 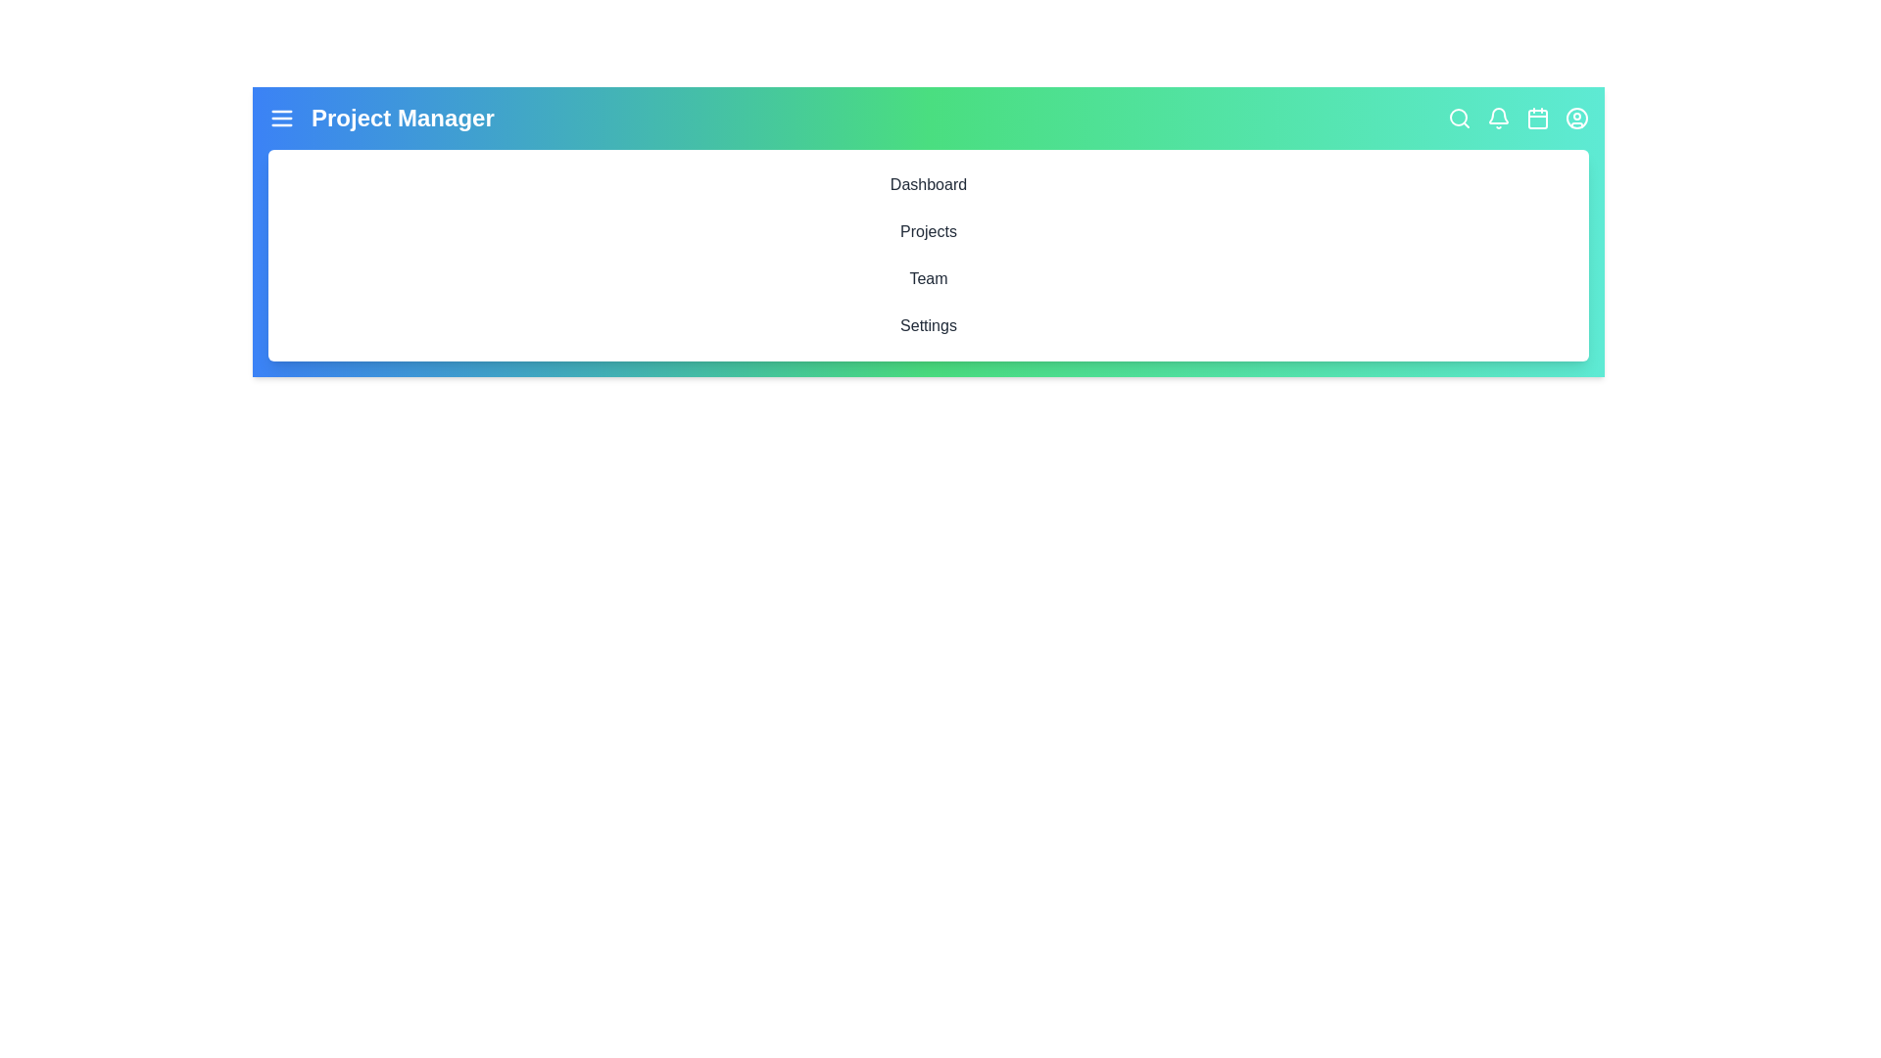 What do you see at coordinates (1536, 118) in the screenshot?
I see `the interactive element Calendar to inspect its hover effect` at bounding box center [1536, 118].